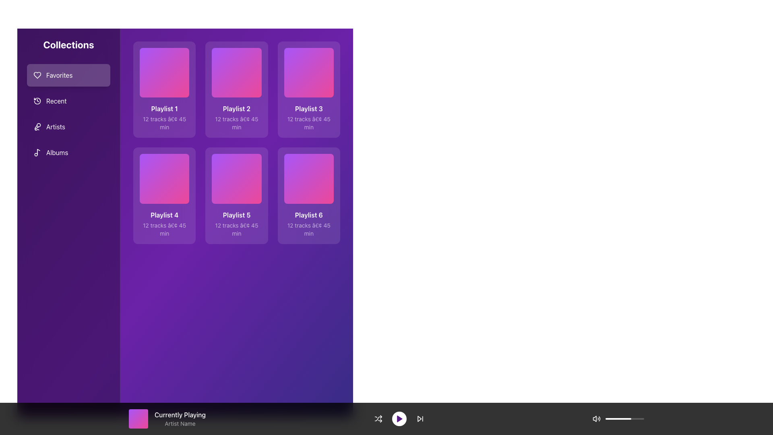  Describe the element at coordinates (236, 229) in the screenshot. I see `the text label displaying '12 tracks • 45 min' located beneath the 'Playlist 5' label within the playlist card` at that location.